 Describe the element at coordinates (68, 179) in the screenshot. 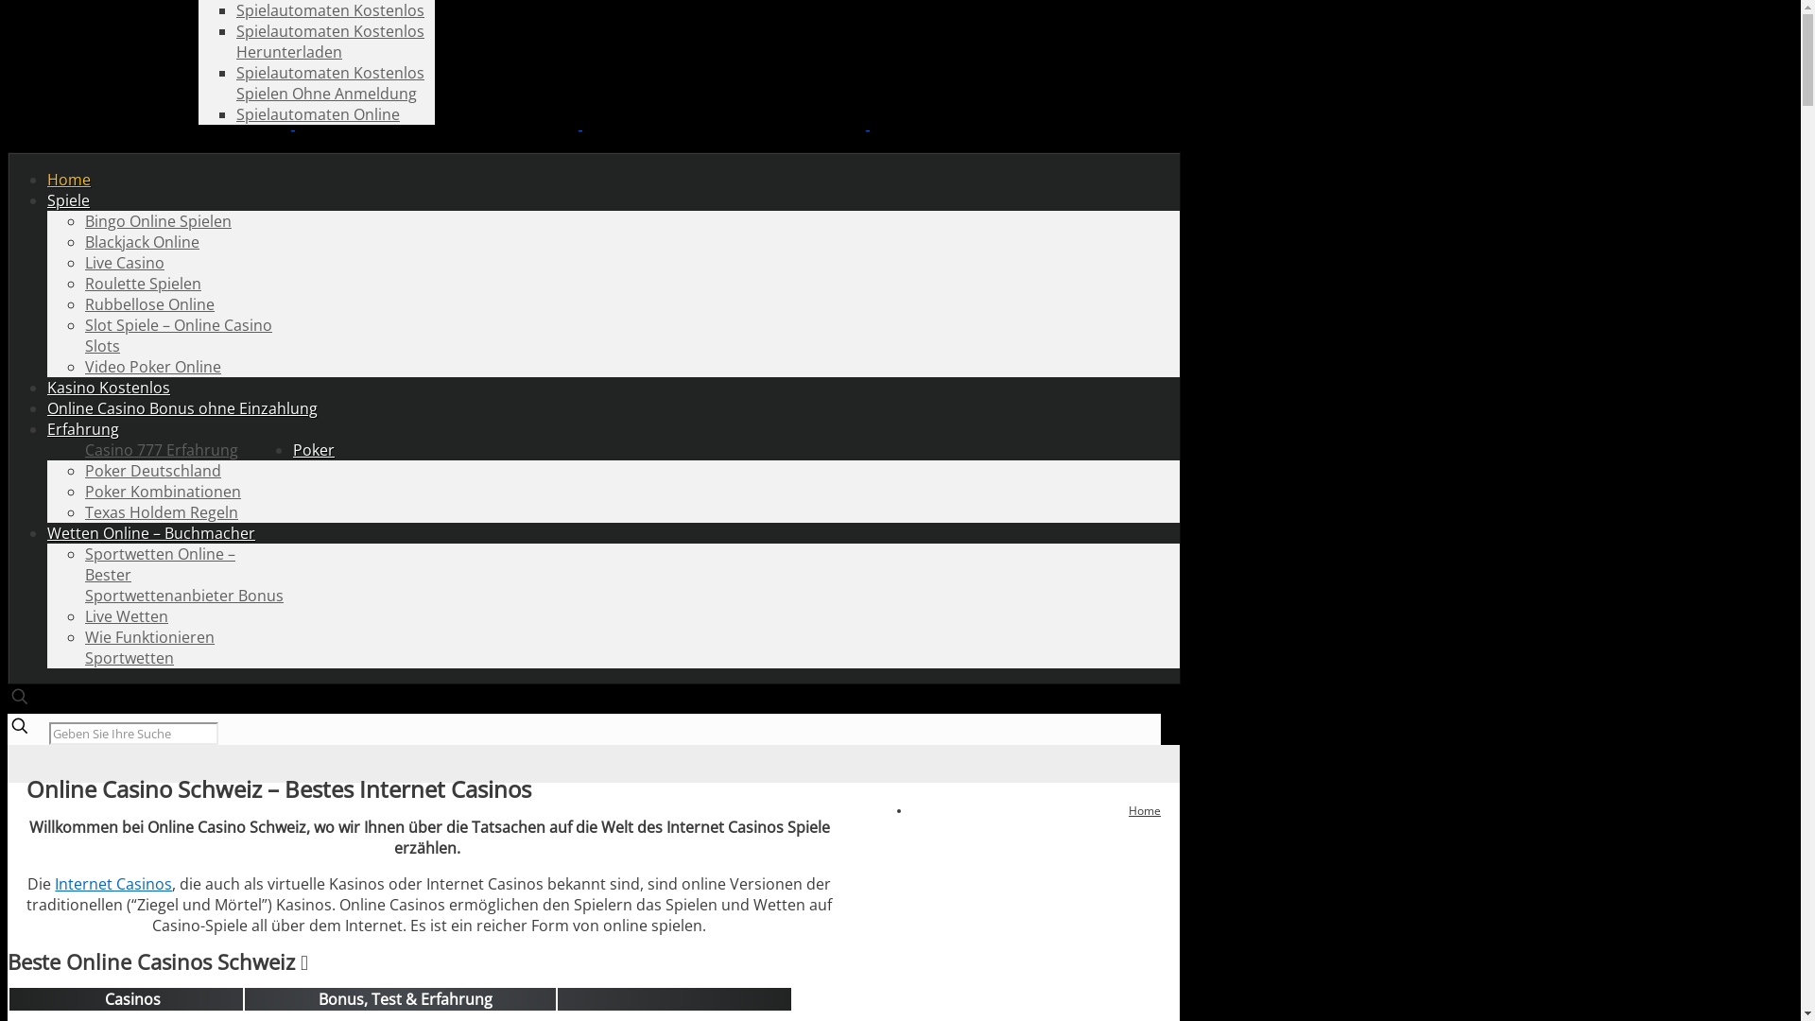

I see `'Home'` at that location.